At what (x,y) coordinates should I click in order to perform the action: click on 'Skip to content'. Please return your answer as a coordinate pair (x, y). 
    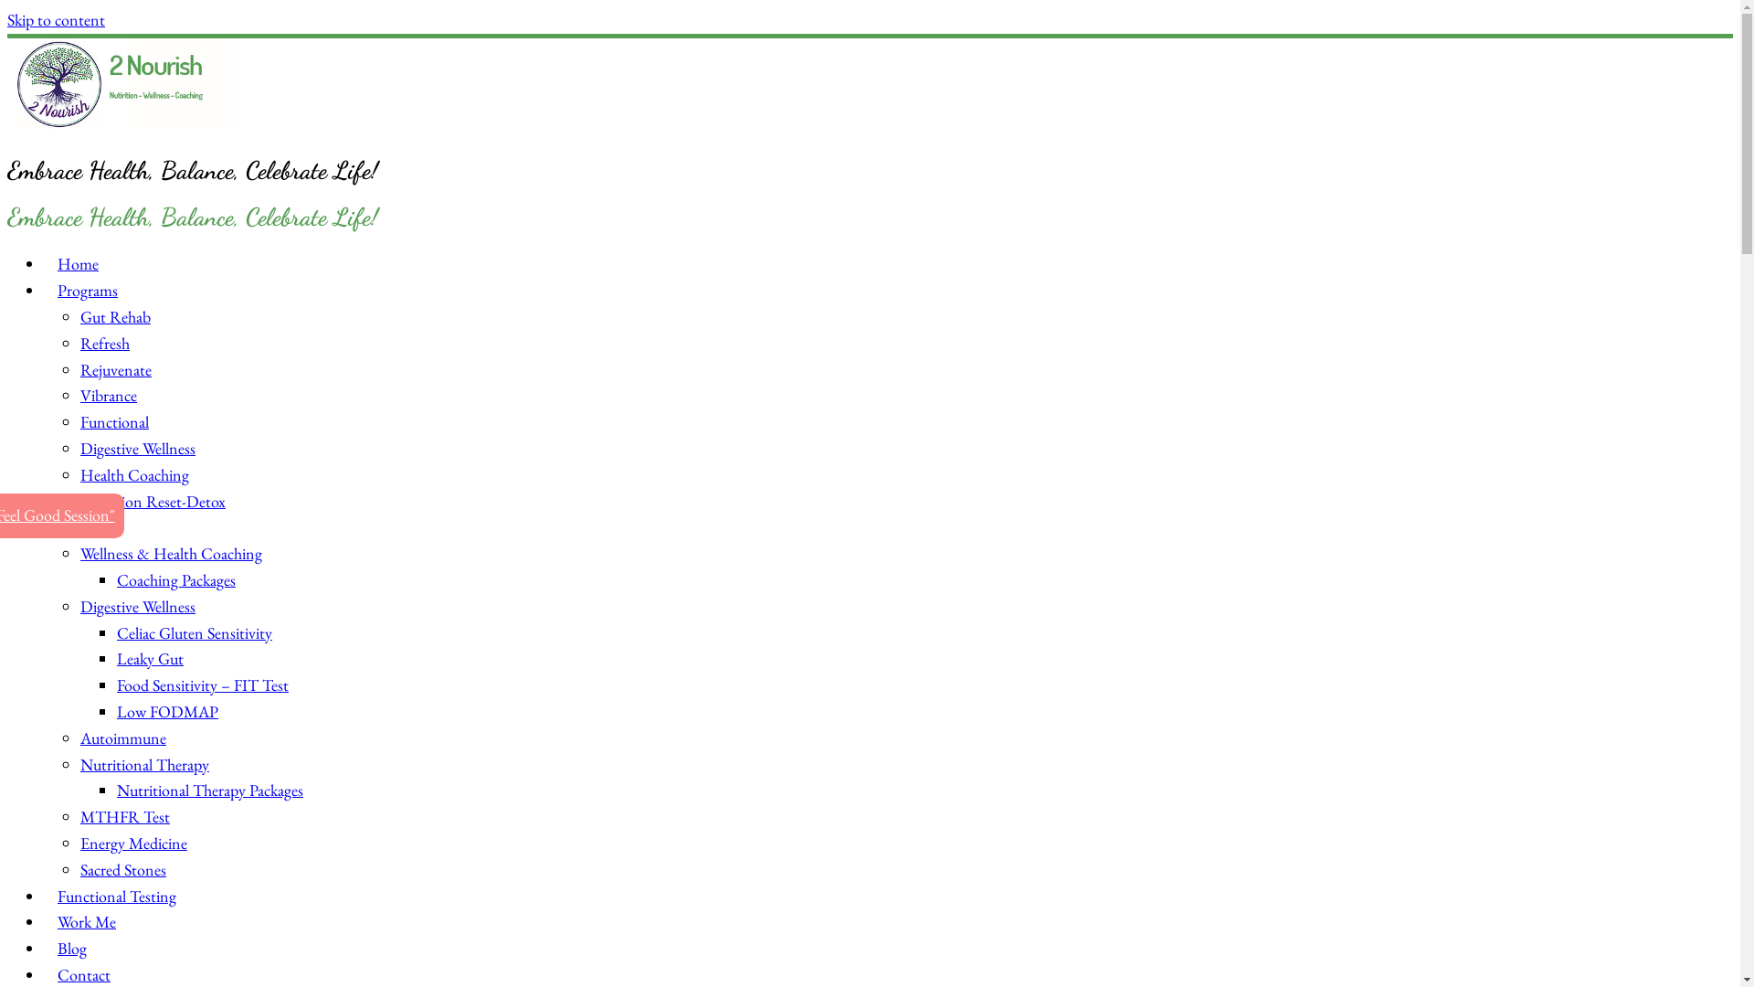
    Looking at the image, I should click on (56, 19).